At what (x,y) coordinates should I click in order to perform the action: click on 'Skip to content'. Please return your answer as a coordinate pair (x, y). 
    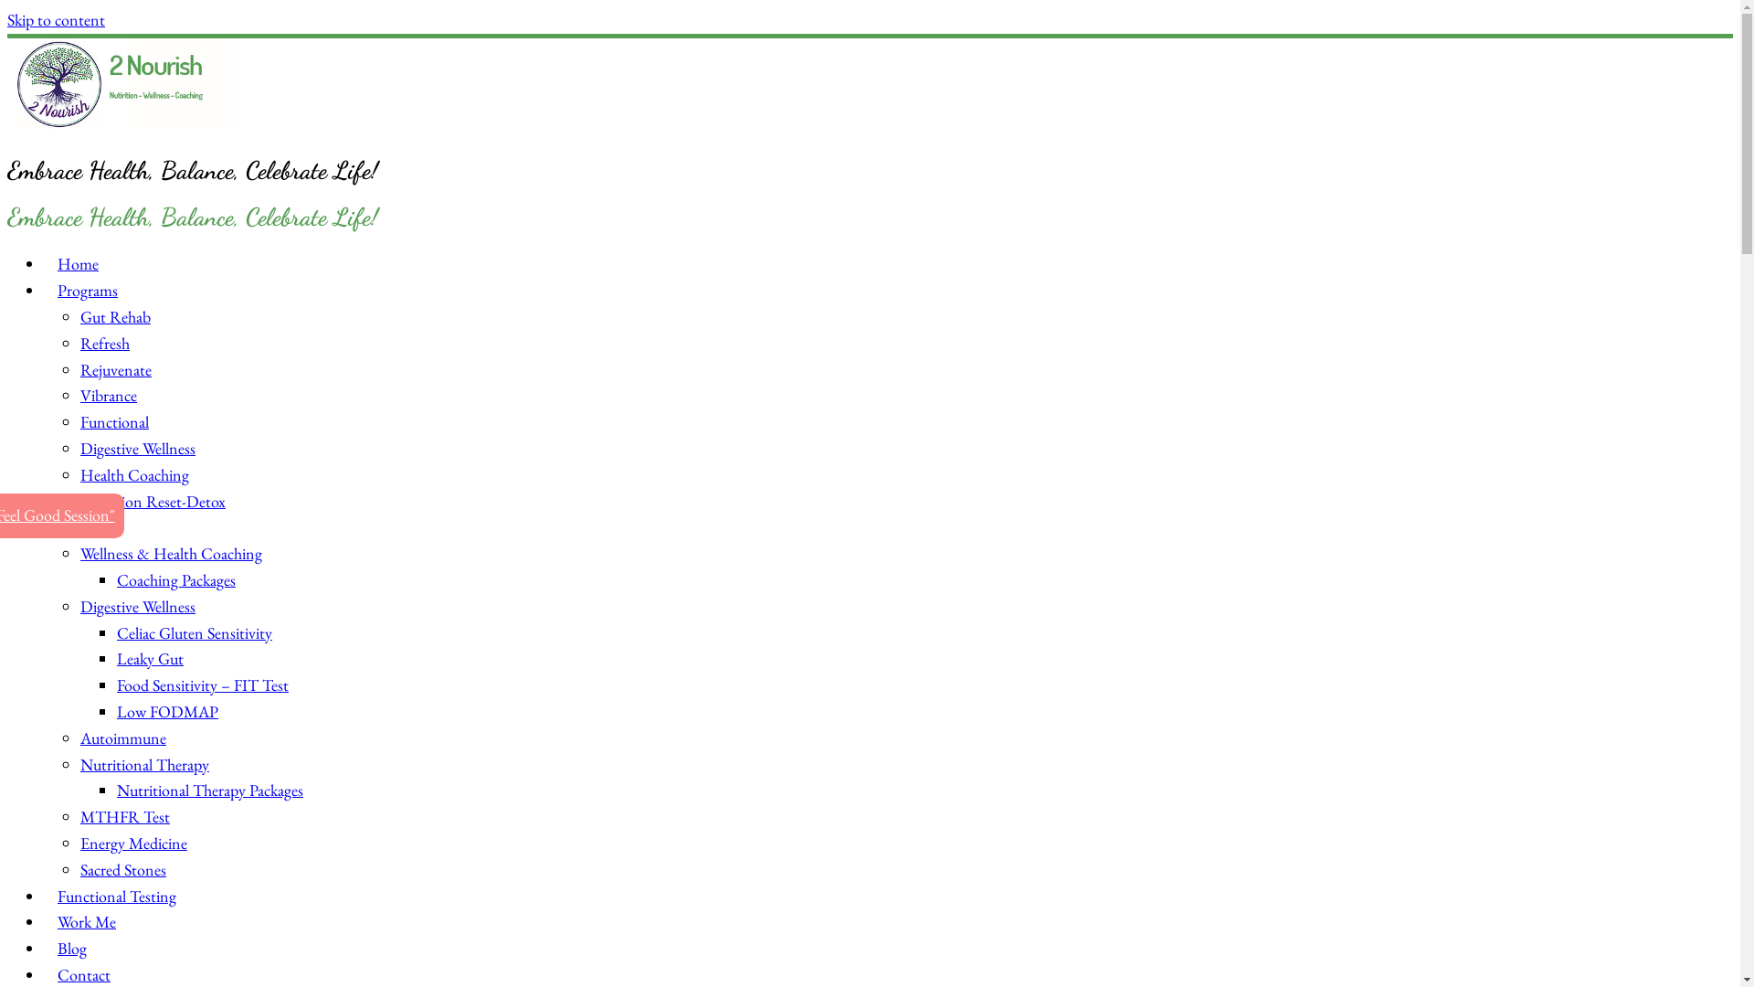
    Looking at the image, I should click on (56, 19).